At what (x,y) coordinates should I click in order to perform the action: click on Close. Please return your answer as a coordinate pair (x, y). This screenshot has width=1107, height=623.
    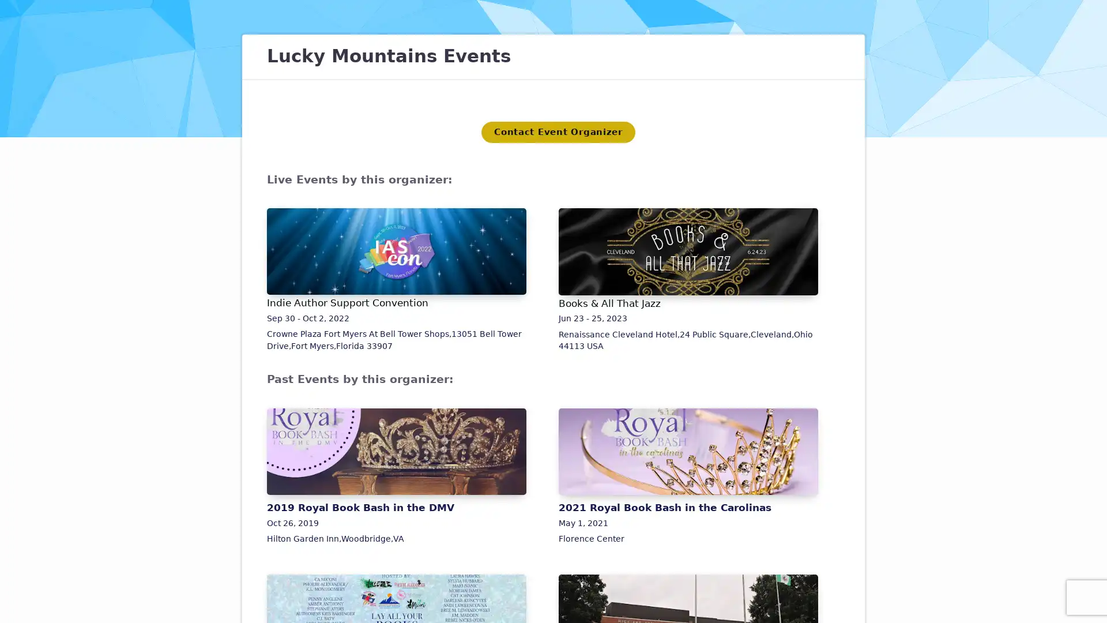
    Looking at the image, I should click on (795, 531).